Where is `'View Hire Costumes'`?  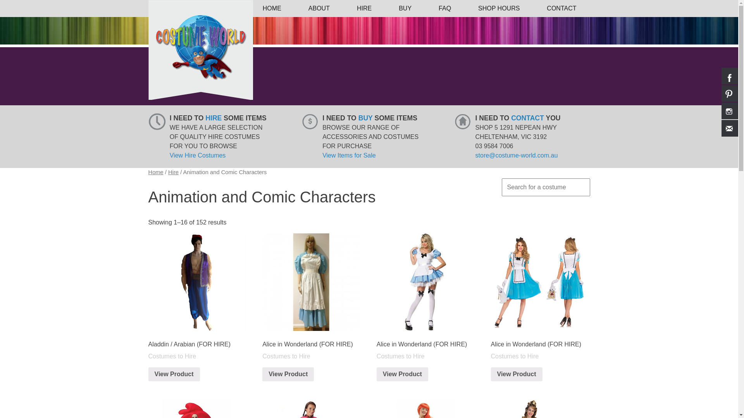 'View Hire Costumes' is located at coordinates (198, 155).